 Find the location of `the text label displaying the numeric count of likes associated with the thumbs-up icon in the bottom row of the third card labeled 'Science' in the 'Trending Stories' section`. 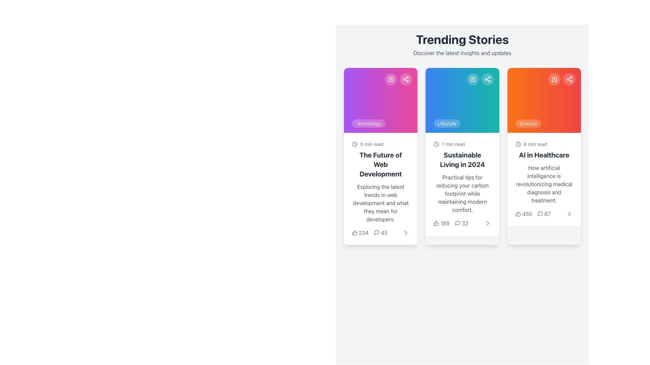

the text label displaying the numeric count of likes associated with the thumbs-up icon in the bottom row of the third card labeled 'Science' in the 'Trending Stories' section is located at coordinates (527, 214).